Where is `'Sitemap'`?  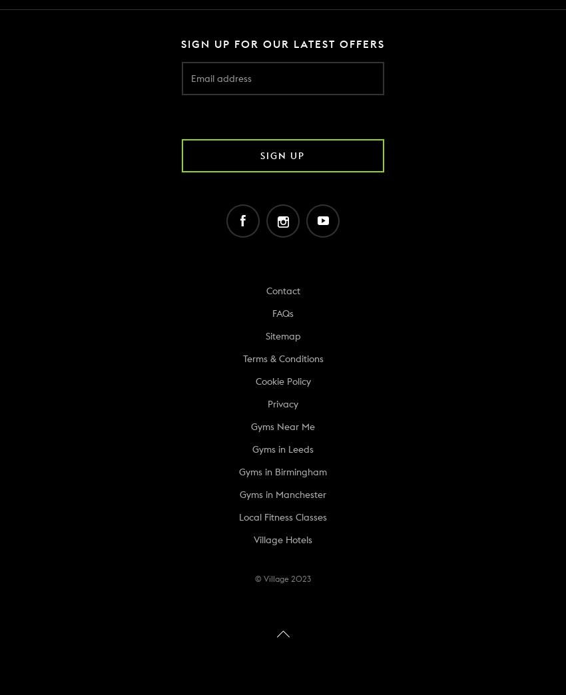 'Sitemap' is located at coordinates (282, 336).